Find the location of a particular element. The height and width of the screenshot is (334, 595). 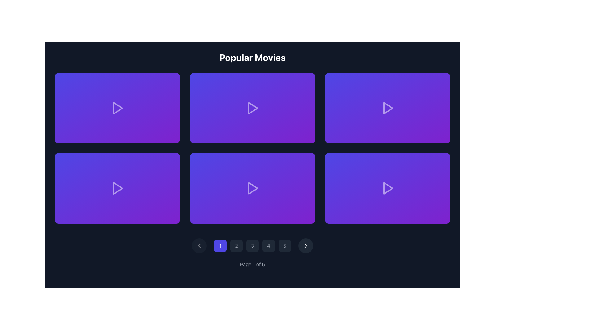

the title text element located at the top-center of the content section, which introduces the grid of media items or movies is located at coordinates (253, 57).